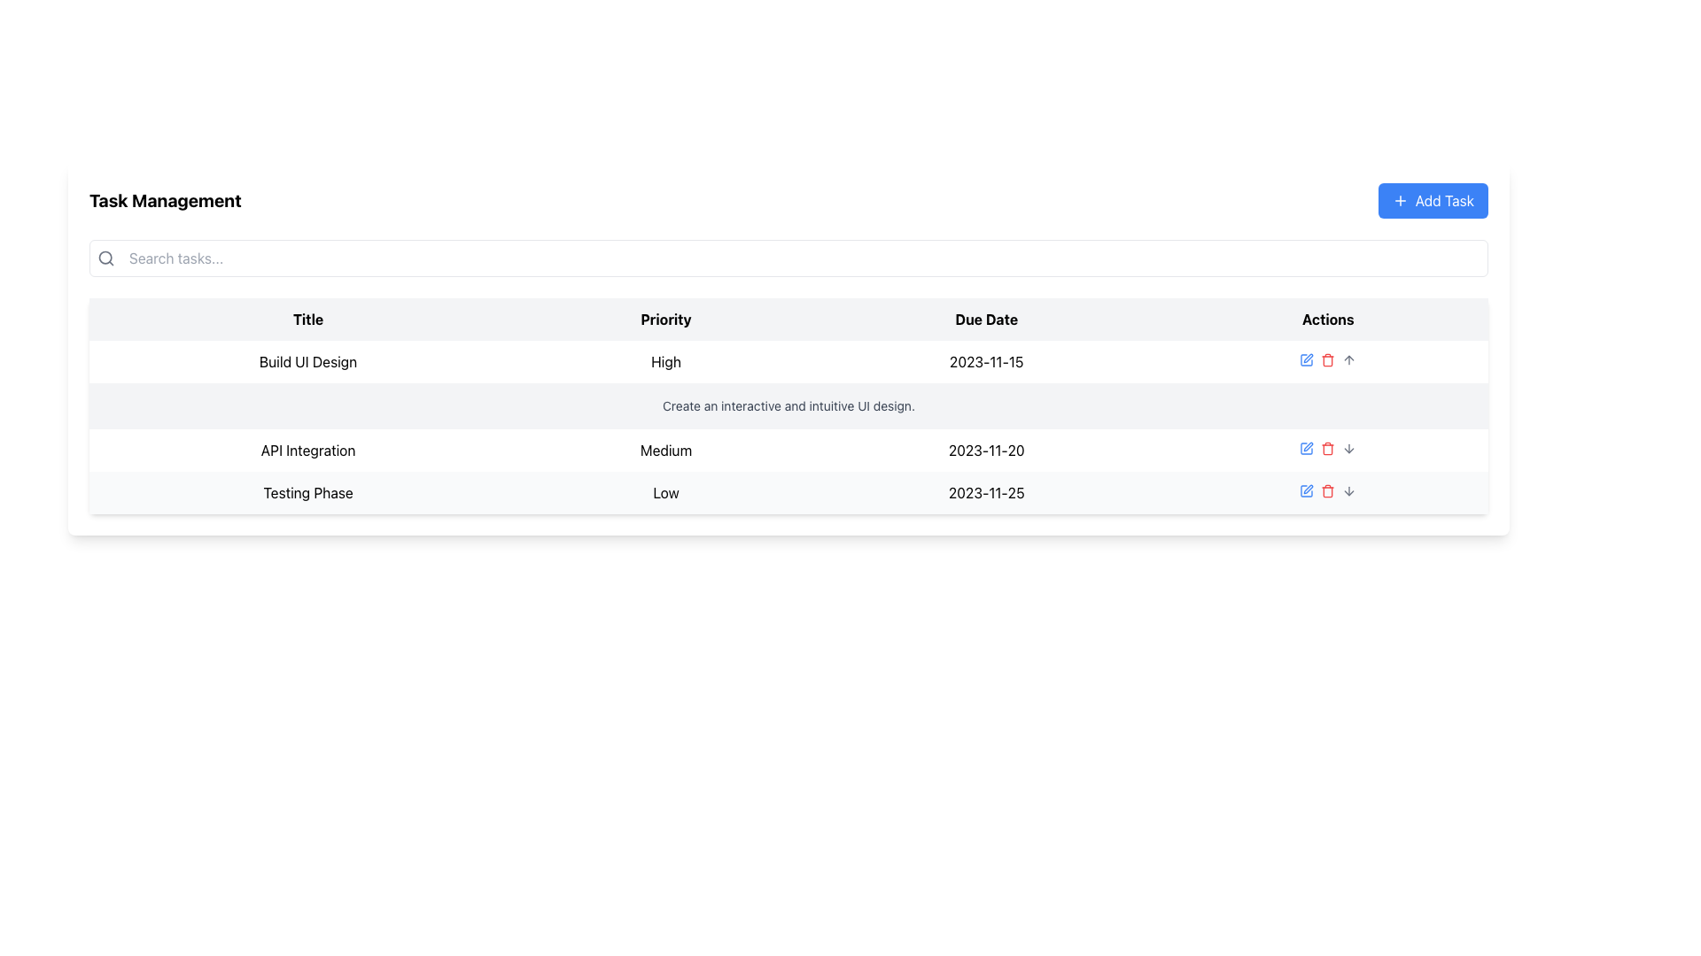 The width and height of the screenshot is (1701, 956). I want to click on the edit button located in the 'Actions' column of the second row of the task management table for 'API Integration', so click(1306, 447).